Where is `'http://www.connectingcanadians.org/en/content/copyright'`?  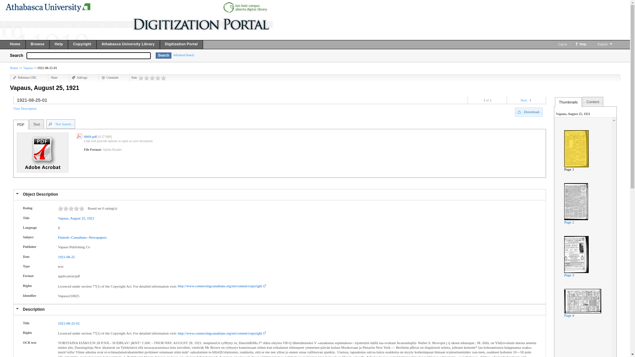 'http://www.connectingcanadians.org/en/content/copyright' is located at coordinates (223, 333).